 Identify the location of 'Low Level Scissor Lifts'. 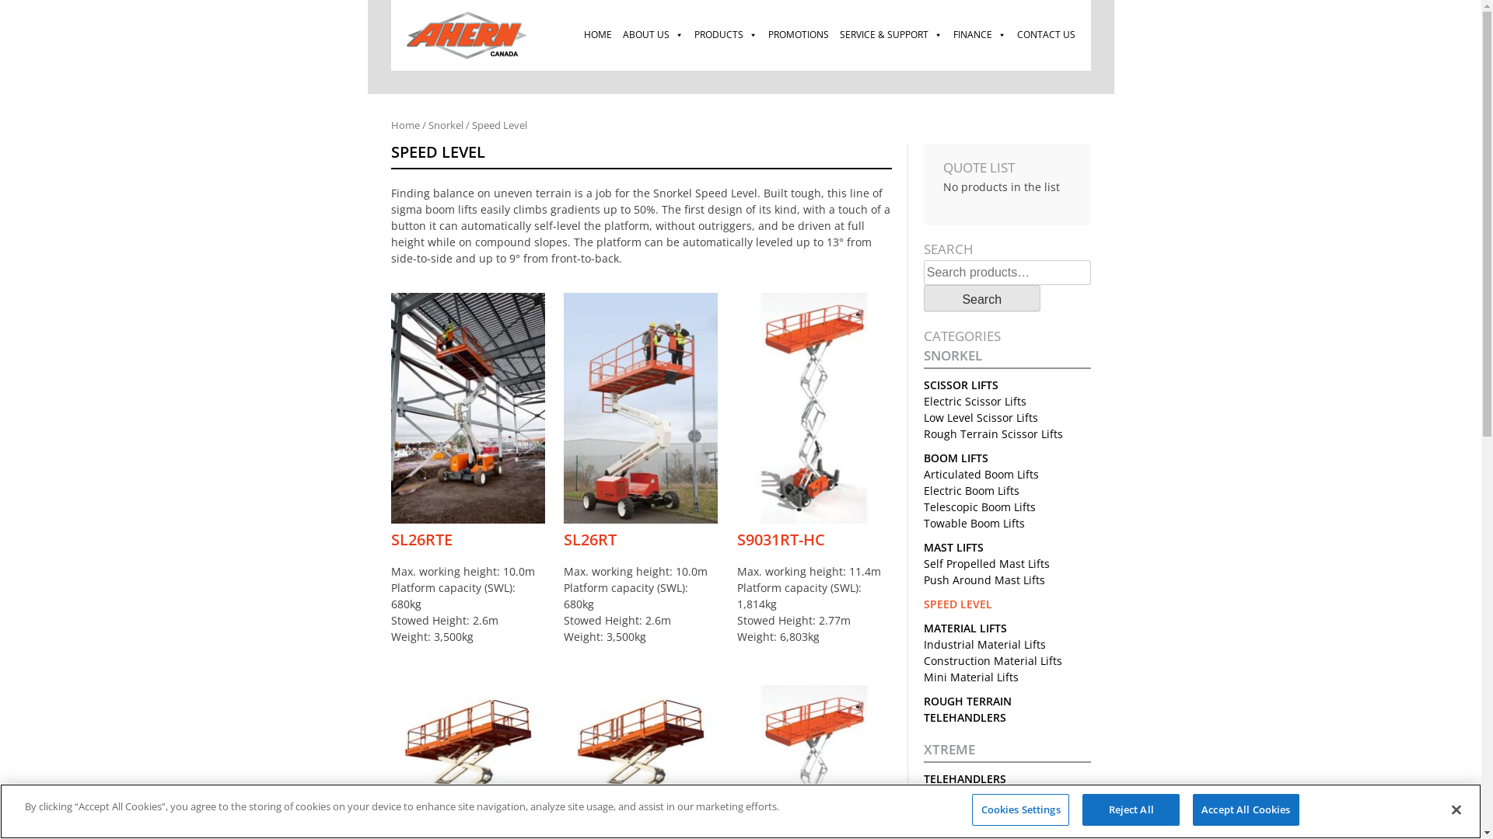
(980, 416).